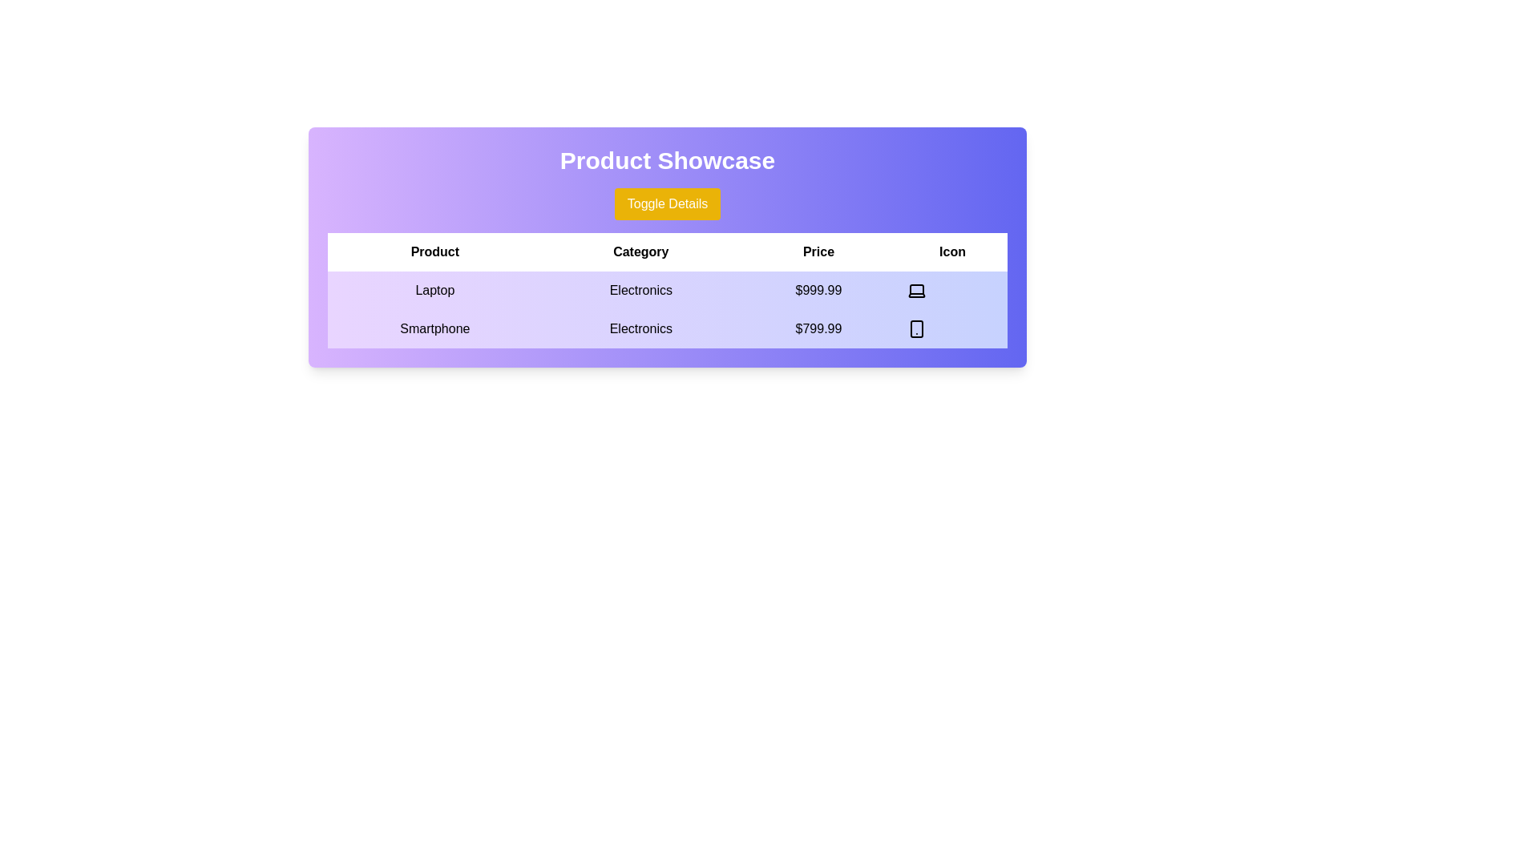  Describe the element at coordinates (916, 328) in the screenshot. I see `the main rectangular shape of the smartphone icon in the second table row labeled 'Smartphone' within the 'Icon' column` at that location.